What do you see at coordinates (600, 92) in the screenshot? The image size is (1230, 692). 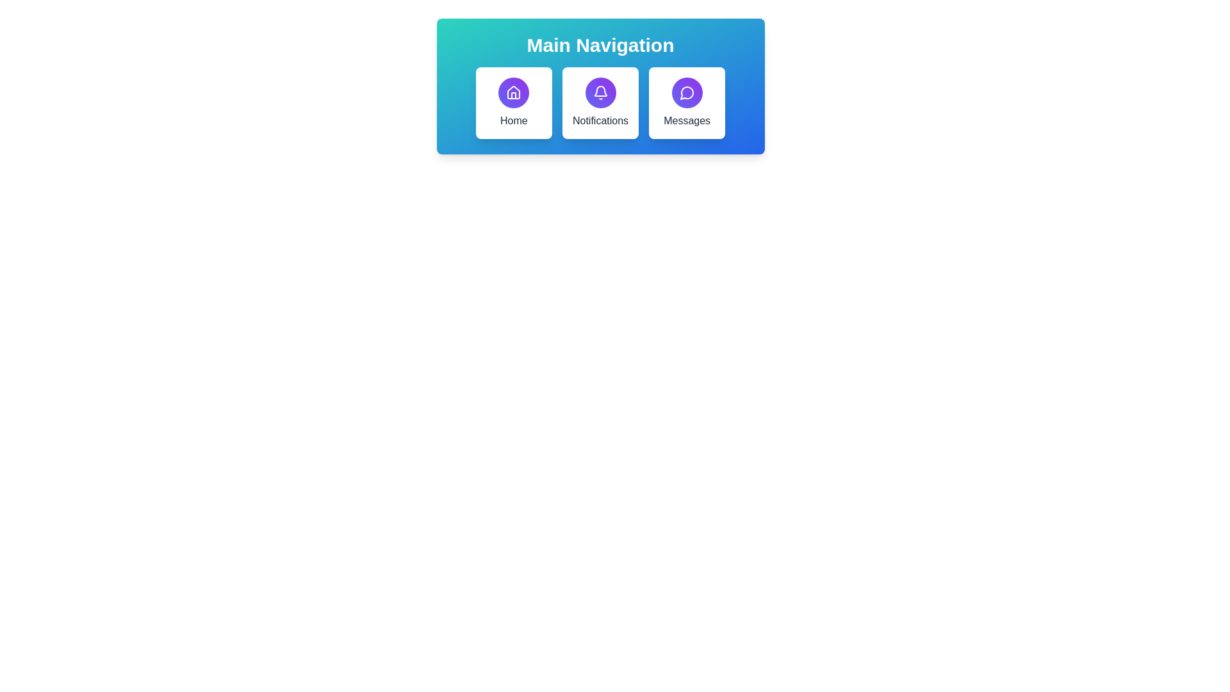 I see `the notification icon located in the middle of the horizontal navigation bar, which is the second element between the home icon and the messages icon` at bounding box center [600, 92].